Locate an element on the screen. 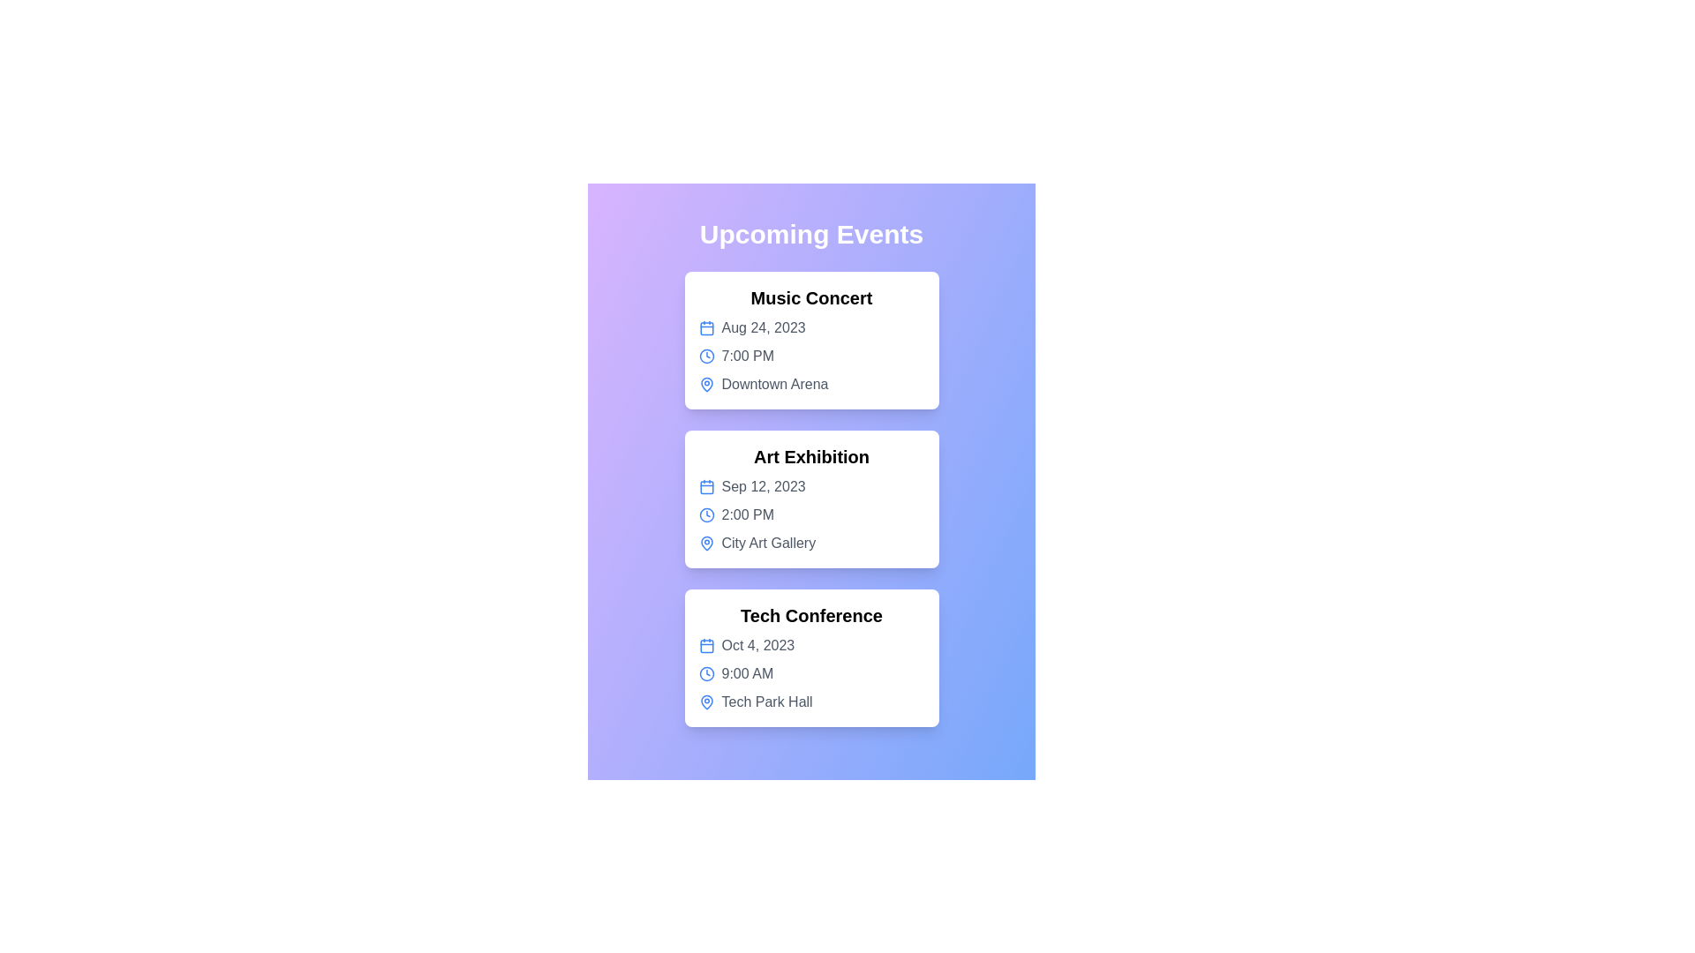  the blue map pin icon located on the left side near the text 'Downtown Arena' in the 'Music Concert' card's information section is located at coordinates (706, 383).